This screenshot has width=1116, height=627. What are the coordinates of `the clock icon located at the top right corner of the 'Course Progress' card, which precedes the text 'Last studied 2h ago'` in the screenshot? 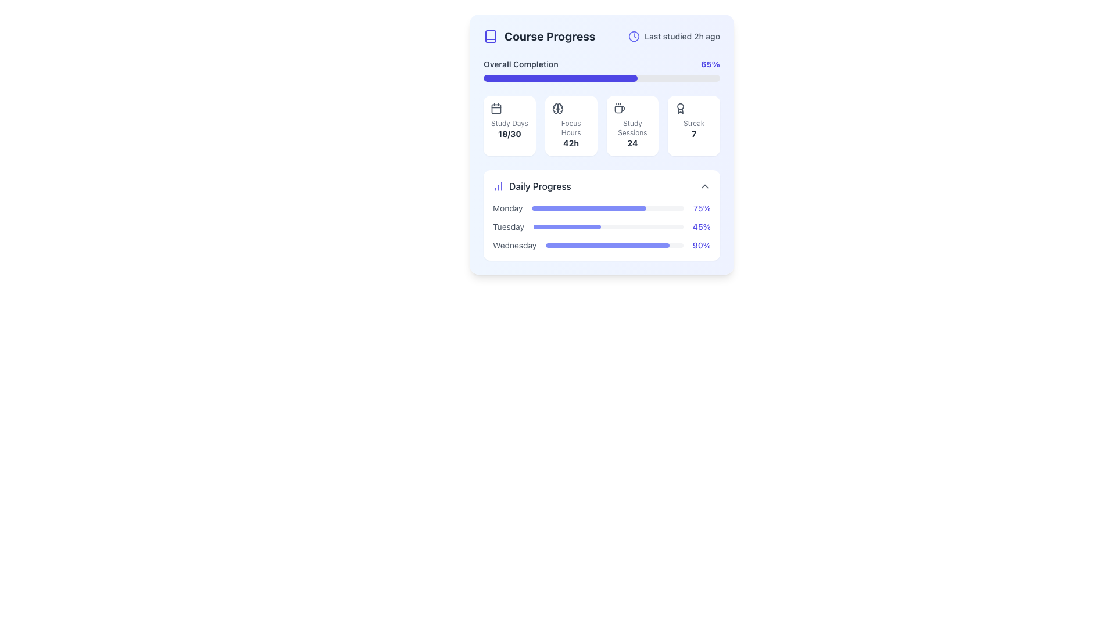 It's located at (633, 35).